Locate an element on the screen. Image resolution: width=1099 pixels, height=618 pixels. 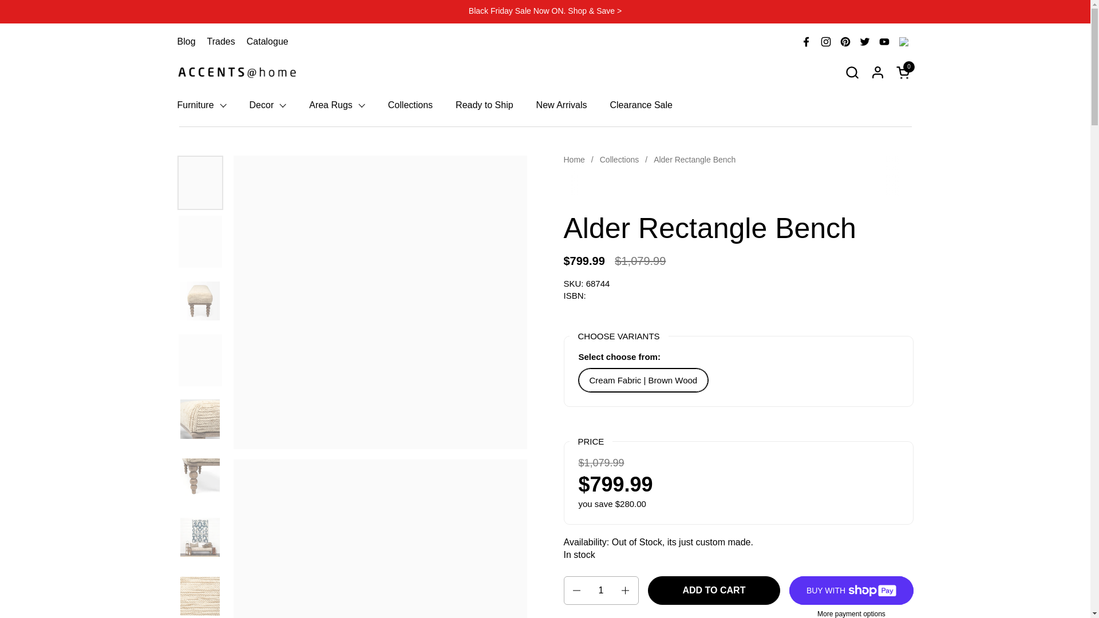
'Twitter' is located at coordinates (855, 41).